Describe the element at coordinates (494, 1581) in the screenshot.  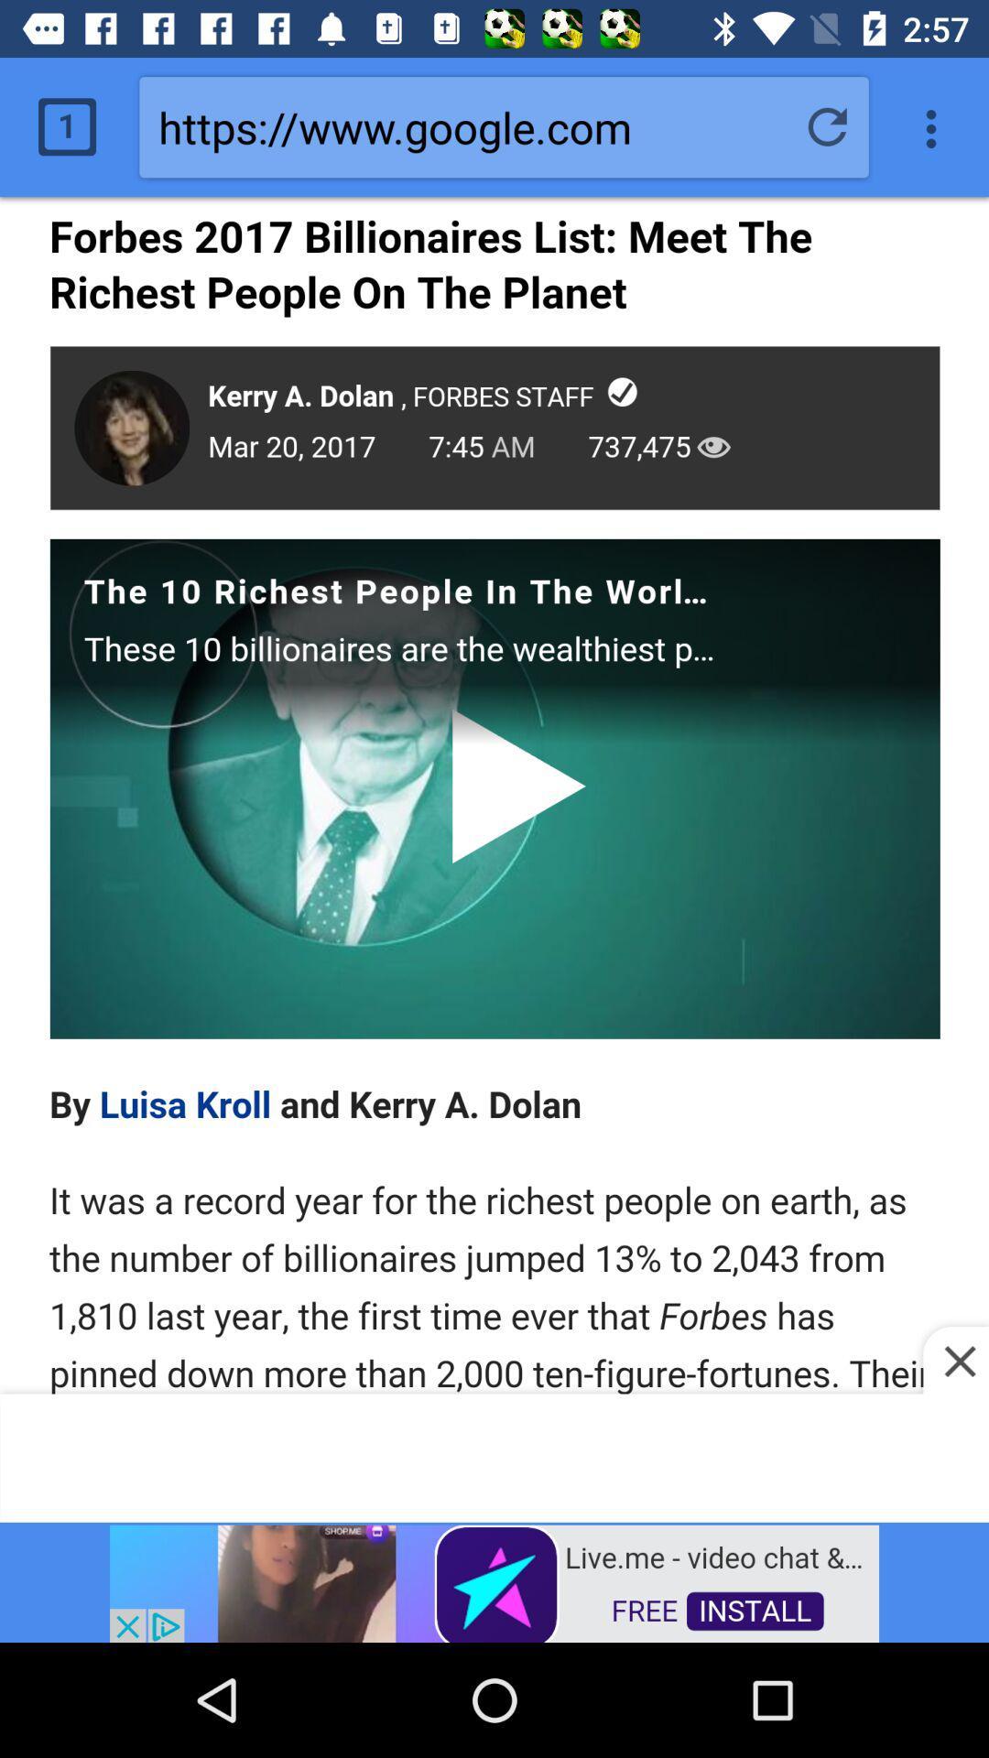
I see `opens the advertisement` at that location.